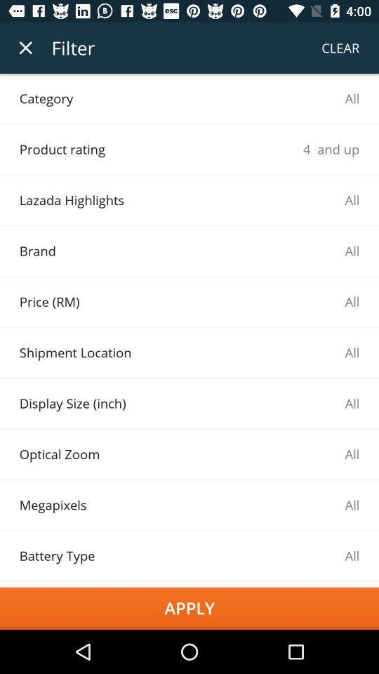 This screenshot has width=379, height=674. Describe the element at coordinates (25, 48) in the screenshot. I see `item above category` at that location.